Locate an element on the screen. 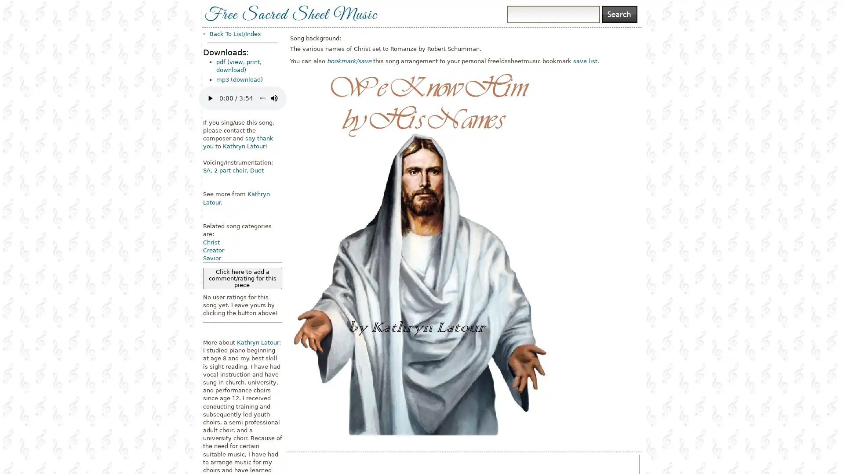 This screenshot has height=474, width=844. show more media controls is located at coordinates (288, 98).